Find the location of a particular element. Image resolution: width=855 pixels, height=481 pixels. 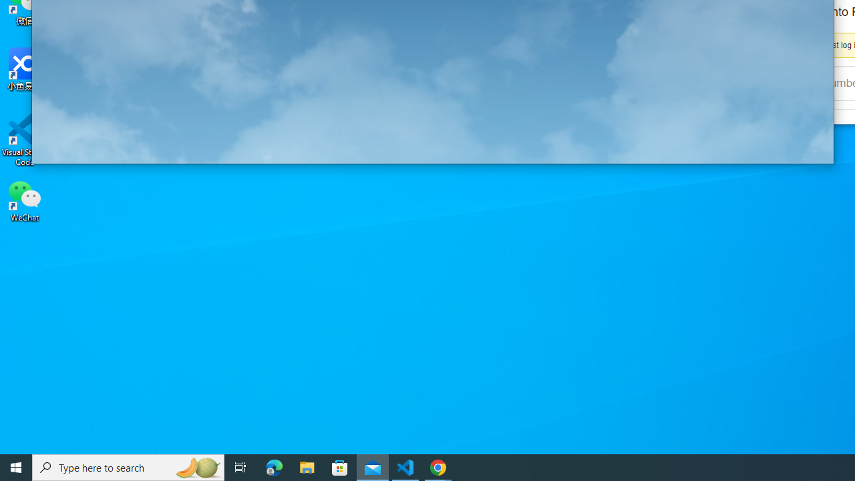

'Task View' is located at coordinates (240, 466).